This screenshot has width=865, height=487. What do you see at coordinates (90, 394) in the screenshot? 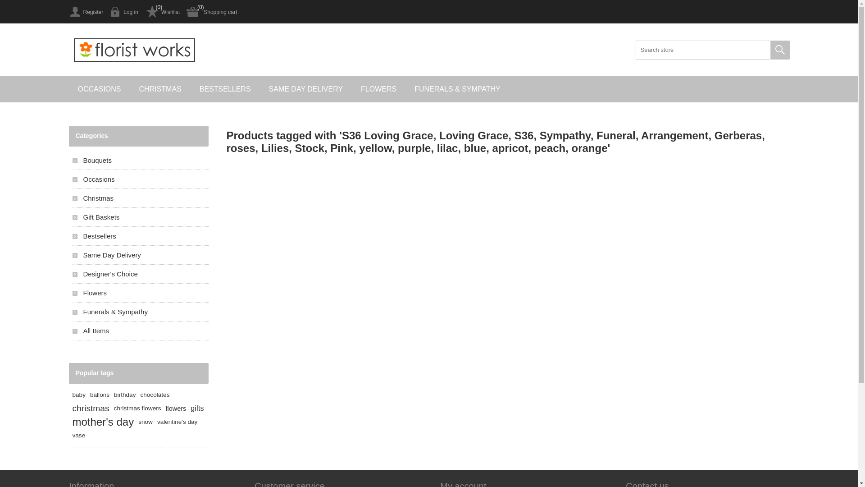
I see `'ballons'` at bounding box center [90, 394].